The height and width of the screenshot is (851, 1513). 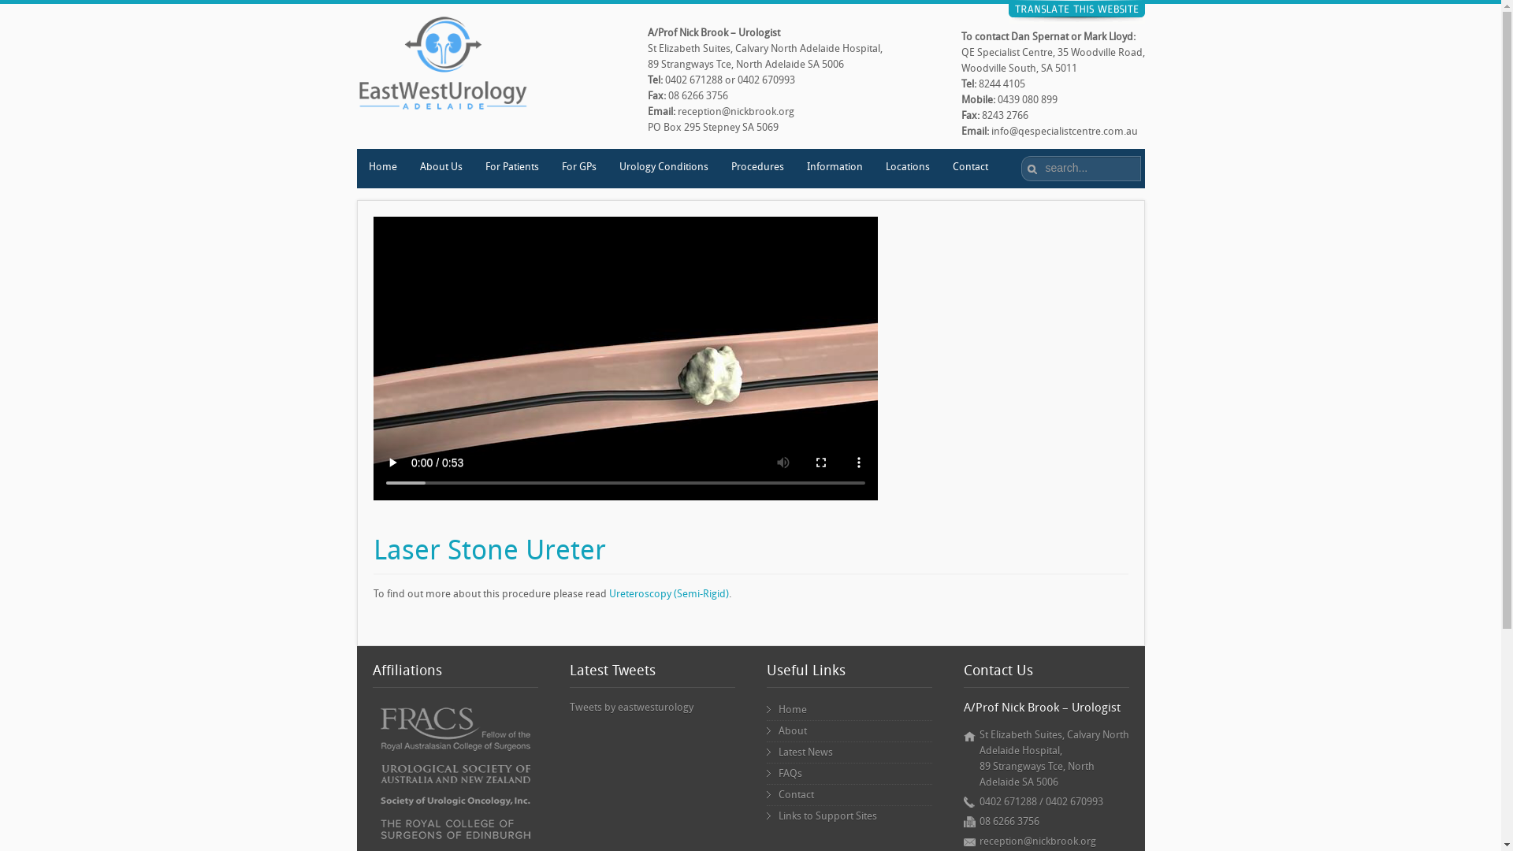 What do you see at coordinates (978, 84) in the screenshot?
I see `'8244 4105'` at bounding box center [978, 84].